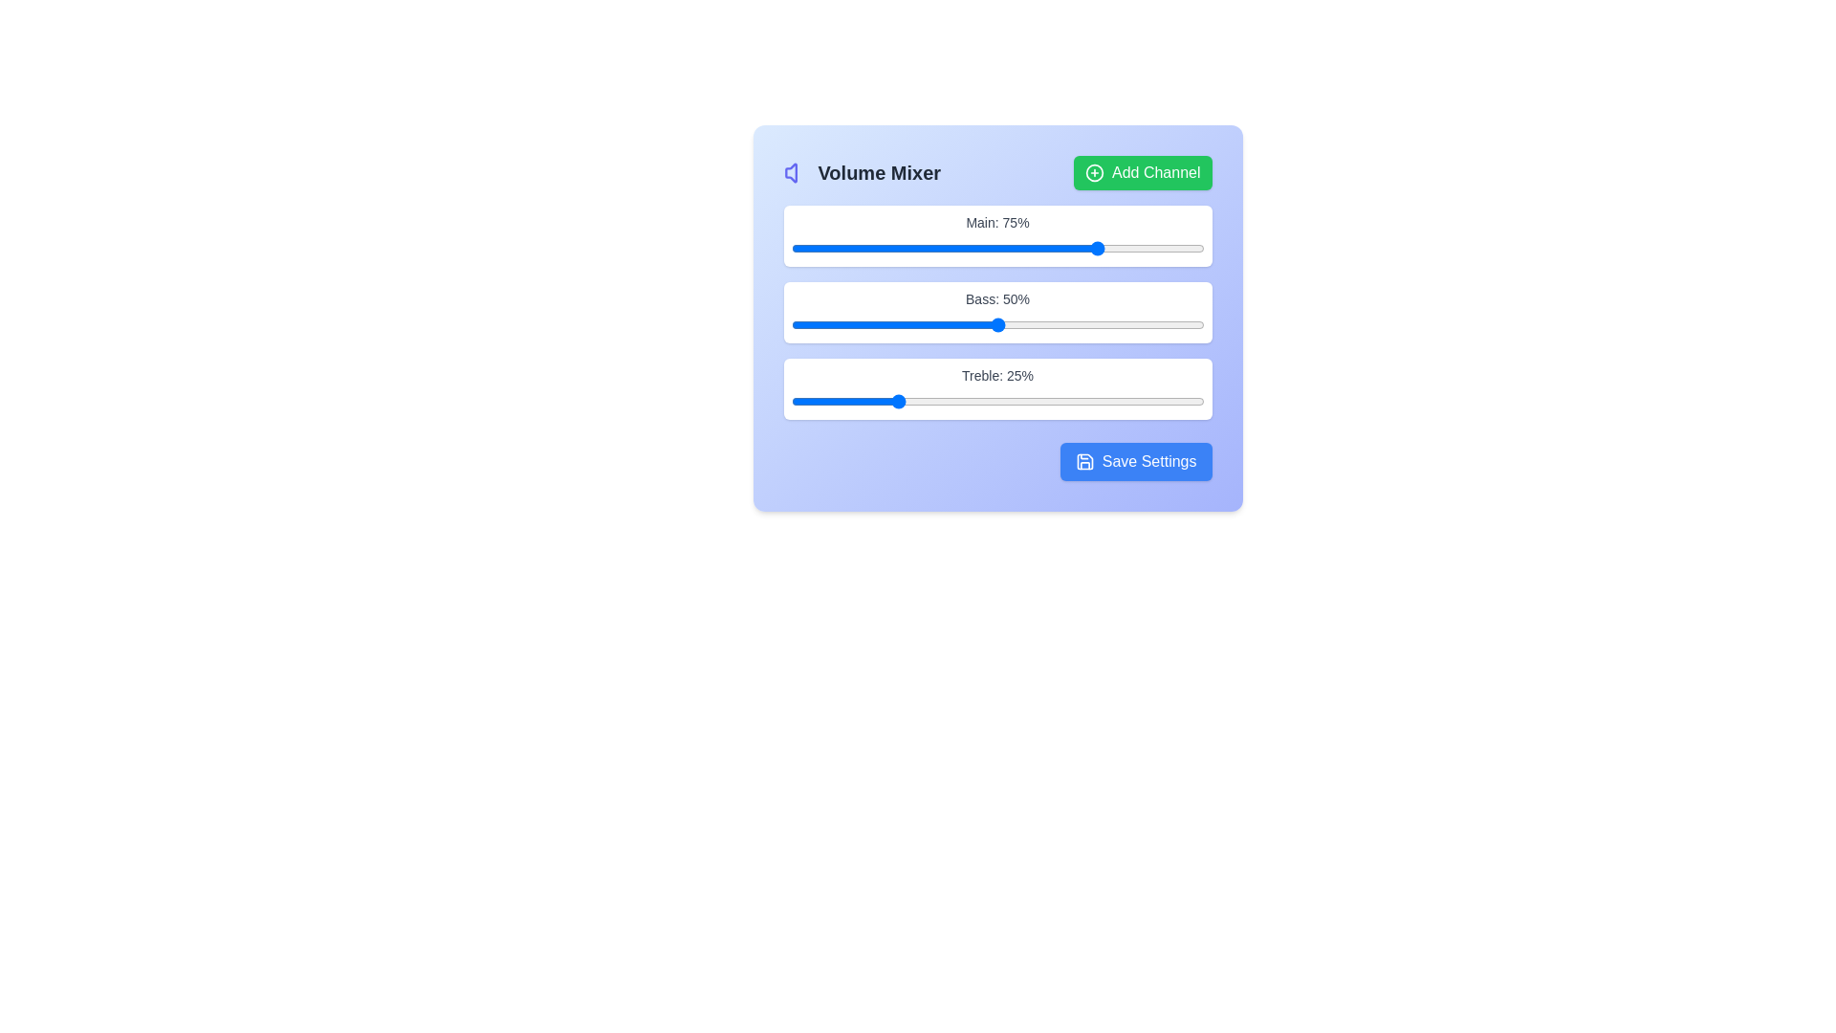 The width and height of the screenshot is (1836, 1033). Describe the element at coordinates (1080, 401) in the screenshot. I see `the treble level` at that location.